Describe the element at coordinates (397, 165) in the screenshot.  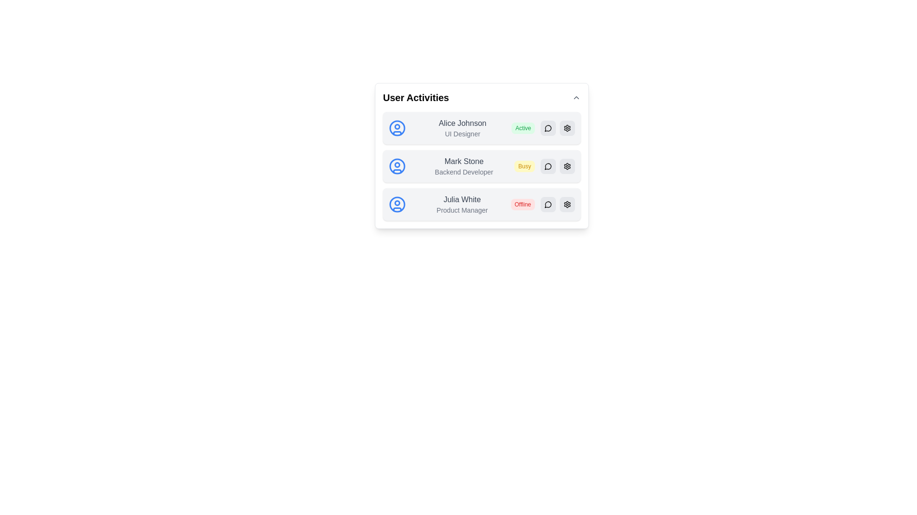
I see `the circular graphical element within the blue-bordered user avatar icon for Mark Stone` at that location.